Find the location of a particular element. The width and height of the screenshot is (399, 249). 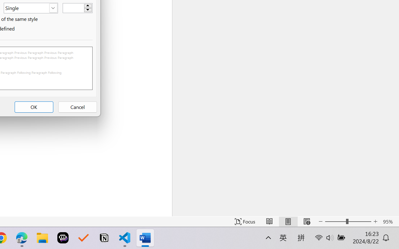

'OK' is located at coordinates (33, 107).